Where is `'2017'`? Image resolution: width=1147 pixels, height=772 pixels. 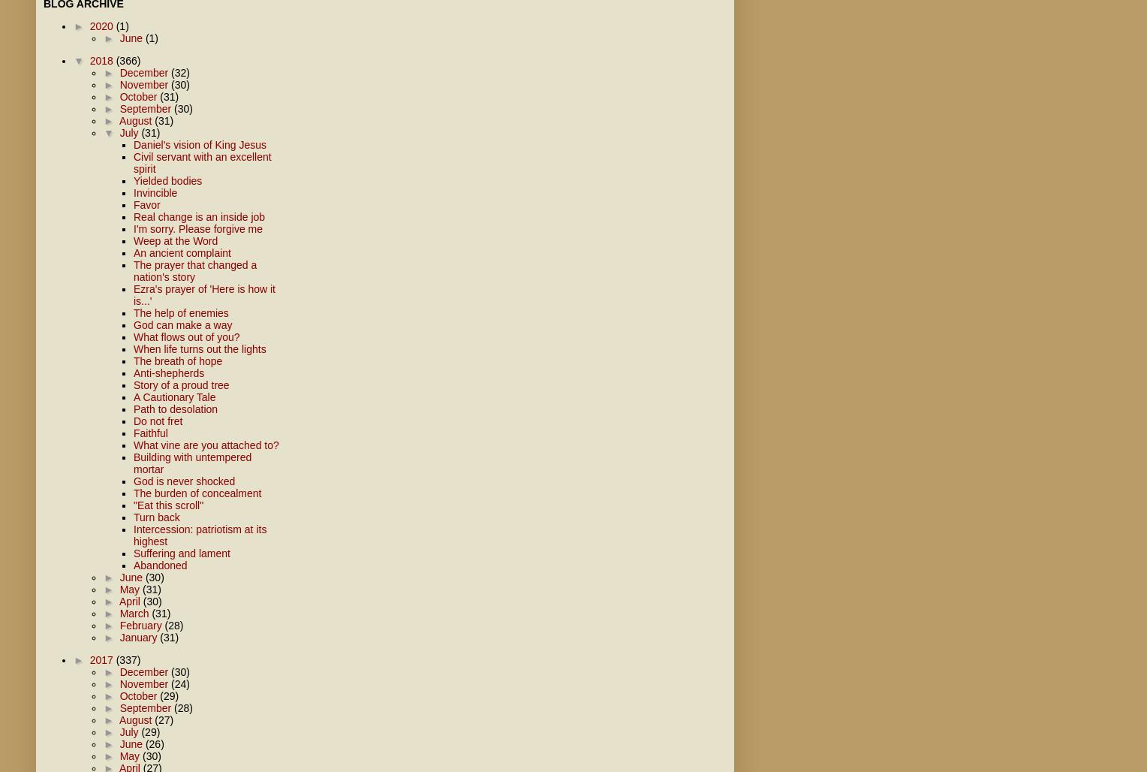
'2017' is located at coordinates (102, 659).